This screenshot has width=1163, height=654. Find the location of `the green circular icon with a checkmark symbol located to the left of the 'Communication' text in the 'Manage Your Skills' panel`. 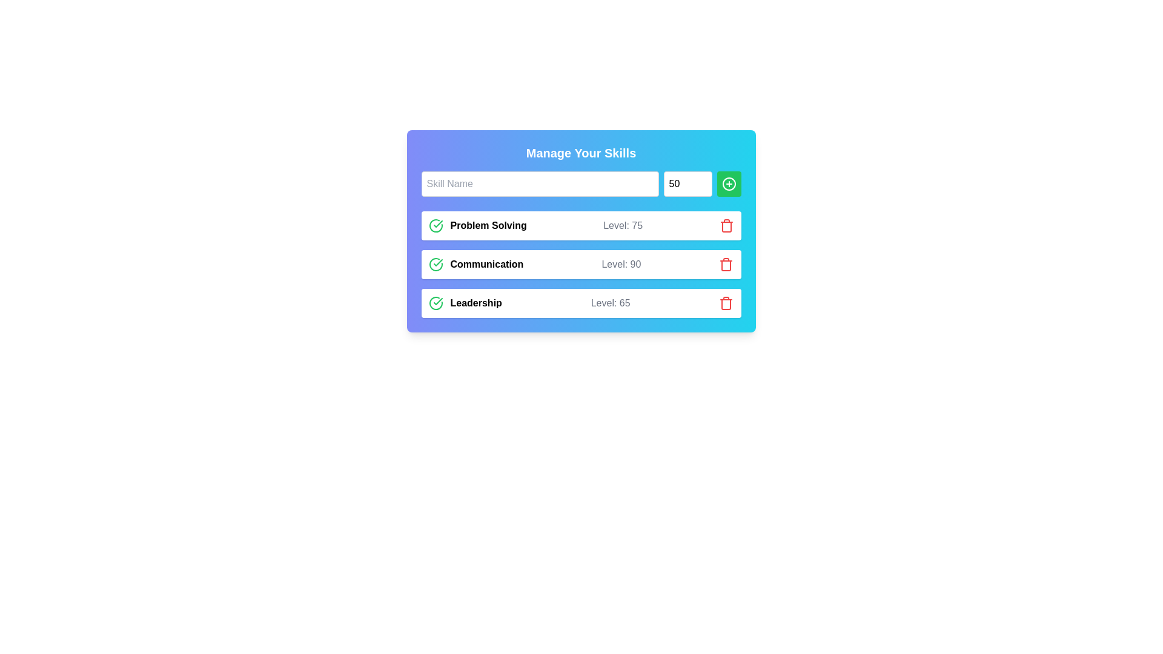

the green circular icon with a checkmark symbol located to the left of the 'Communication' text in the 'Manage Your Skills' panel is located at coordinates (436, 263).